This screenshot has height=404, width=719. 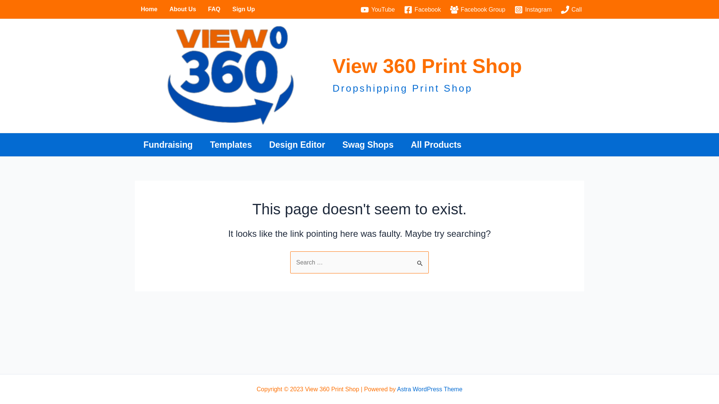 What do you see at coordinates (163, 9) in the screenshot?
I see `'About Us'` at bounding box center [163, 9].